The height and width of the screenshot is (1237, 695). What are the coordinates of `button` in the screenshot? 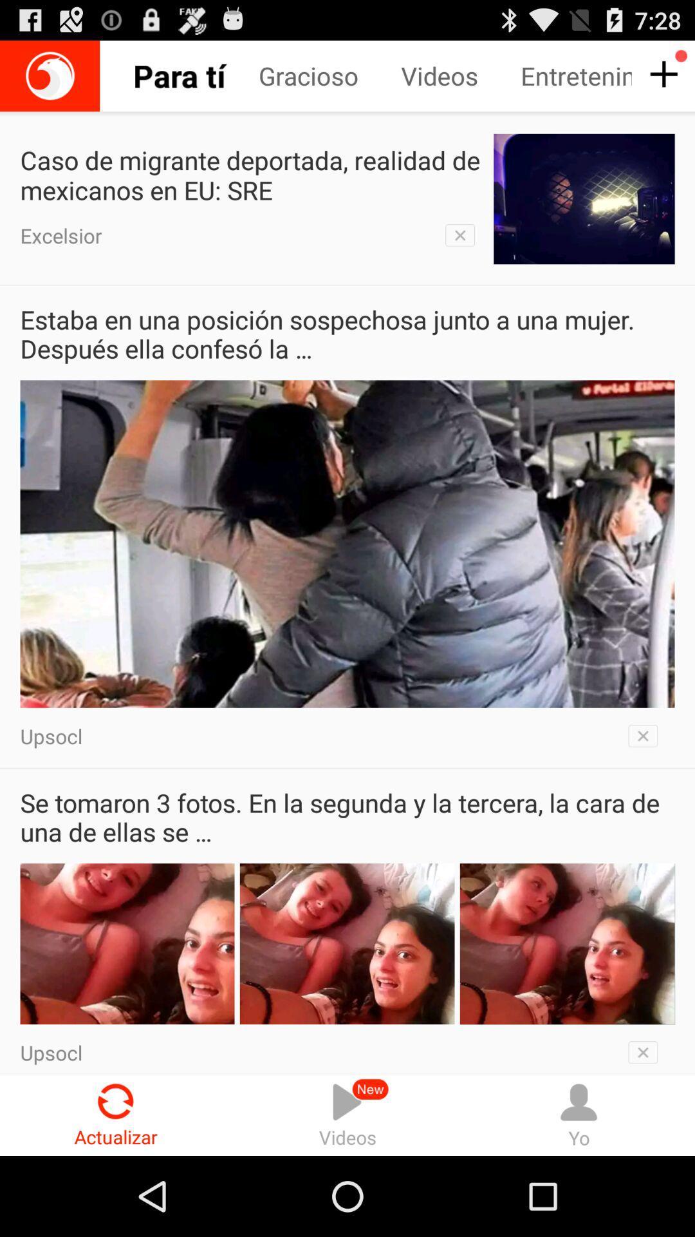 It's located at (647, 736).